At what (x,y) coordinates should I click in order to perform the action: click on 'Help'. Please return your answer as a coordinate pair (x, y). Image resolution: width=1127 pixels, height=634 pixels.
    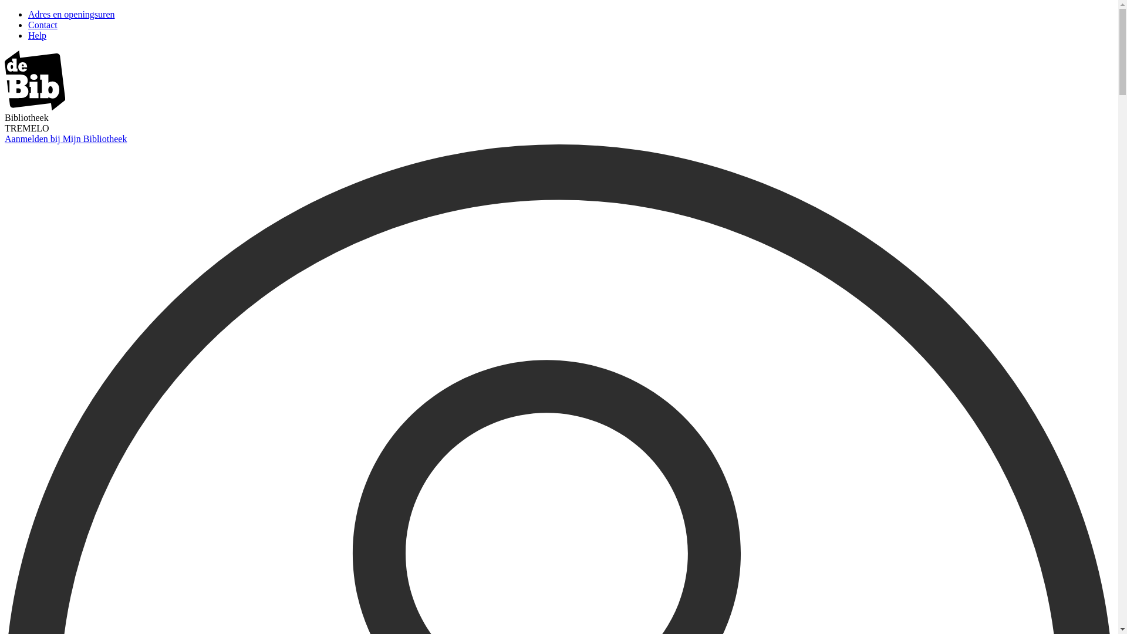
    Looking at the image, I should click on (37, 35).